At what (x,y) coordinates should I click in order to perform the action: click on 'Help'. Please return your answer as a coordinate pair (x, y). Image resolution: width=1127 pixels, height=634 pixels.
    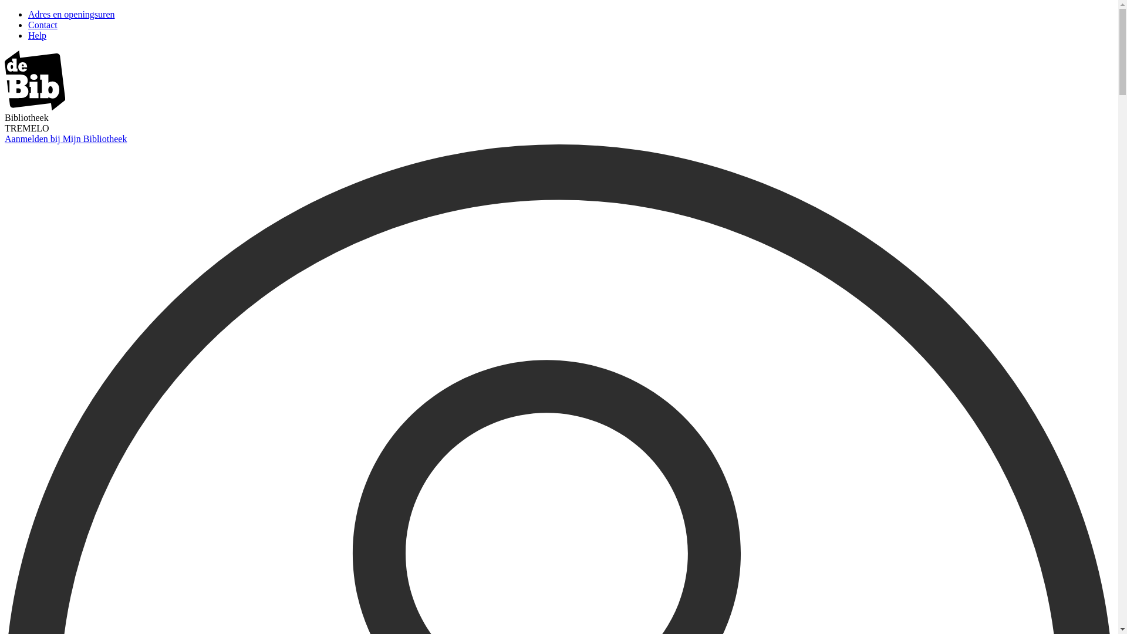
    Looking at the image, I should click on (37, 35).